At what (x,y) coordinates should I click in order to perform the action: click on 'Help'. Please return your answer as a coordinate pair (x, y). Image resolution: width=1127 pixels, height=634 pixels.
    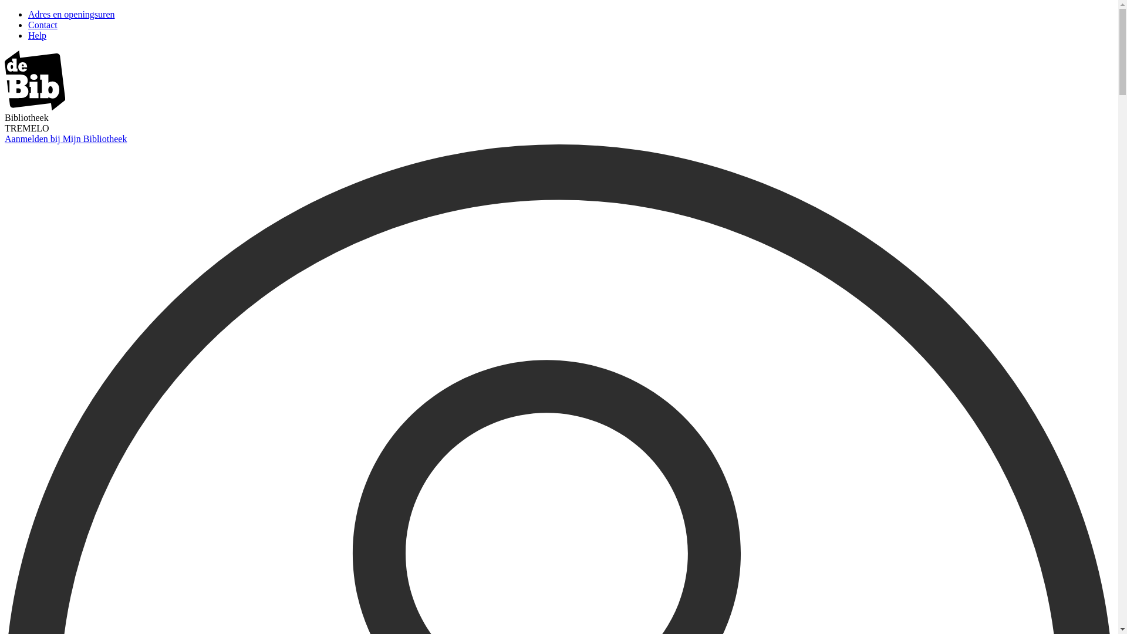
    Looking at the image, I should click on (37, 35).